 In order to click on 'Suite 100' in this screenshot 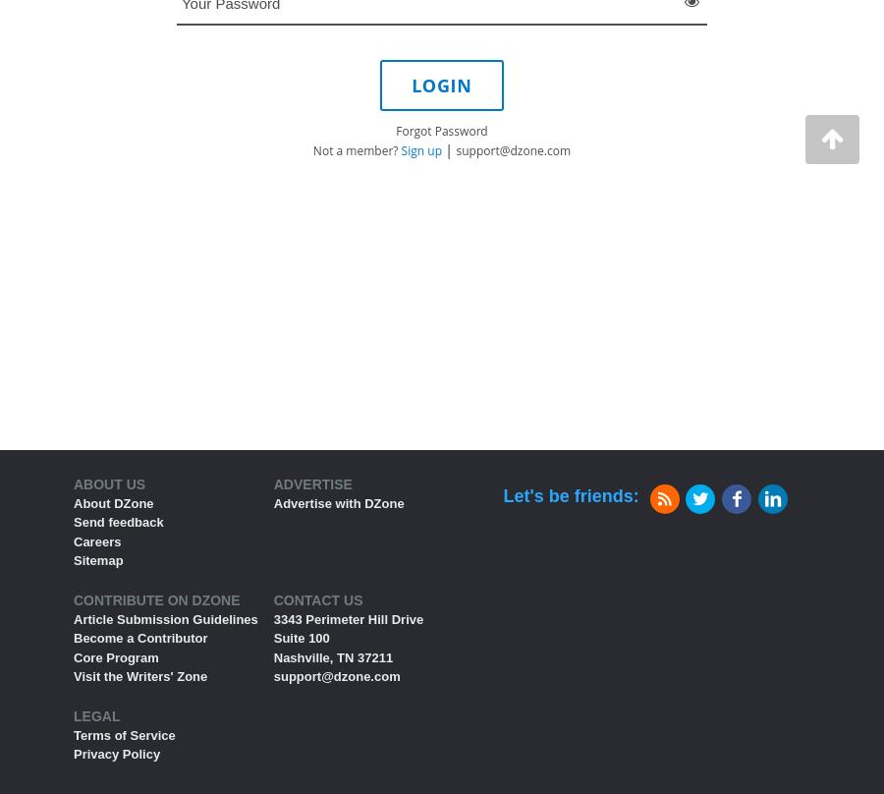, I will do `click(300, 638)`.